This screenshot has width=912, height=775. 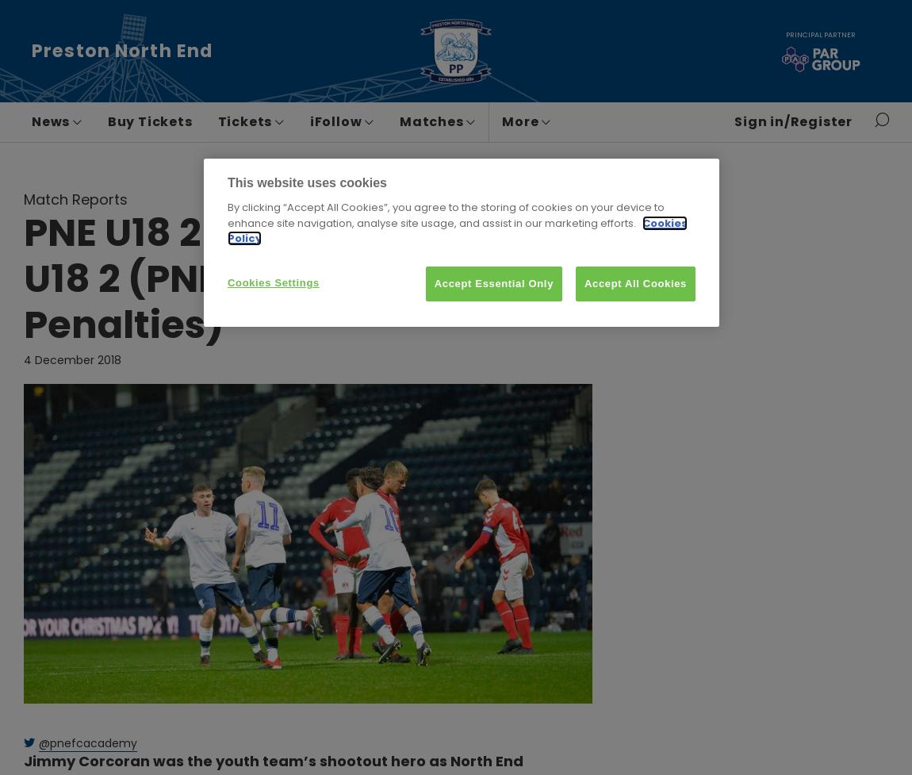 What do you see at coordinates (121, 50) in the screenshot?
I see `'Preston North End'` at bounding box center [121, 50].